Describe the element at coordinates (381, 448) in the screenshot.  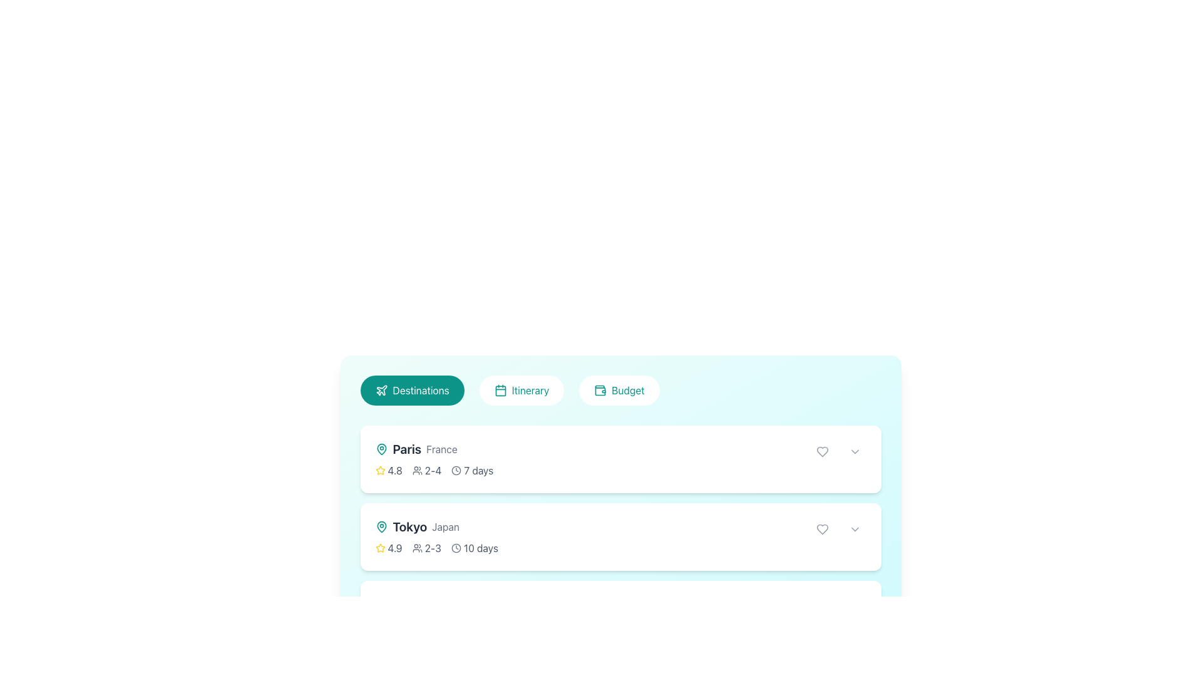
I see `the location marker icon located at the bottom-left corner of the 'Tokyo, Japan' entry` at that location.